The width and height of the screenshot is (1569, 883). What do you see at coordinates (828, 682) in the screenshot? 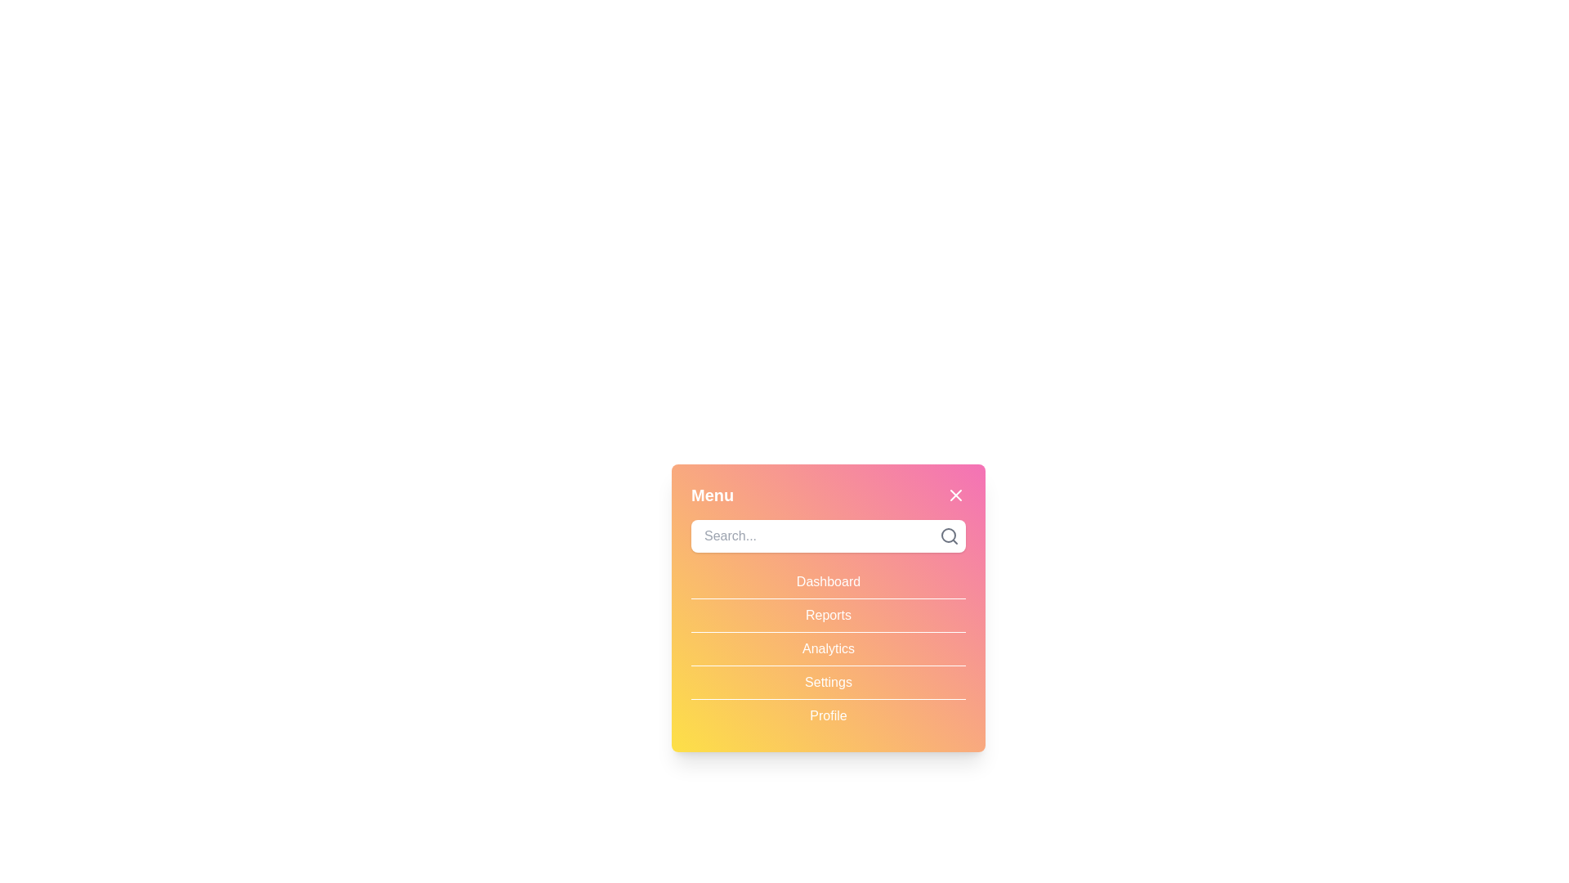
I see `the menu item Settings to select it` at bounding box center [828, 682].